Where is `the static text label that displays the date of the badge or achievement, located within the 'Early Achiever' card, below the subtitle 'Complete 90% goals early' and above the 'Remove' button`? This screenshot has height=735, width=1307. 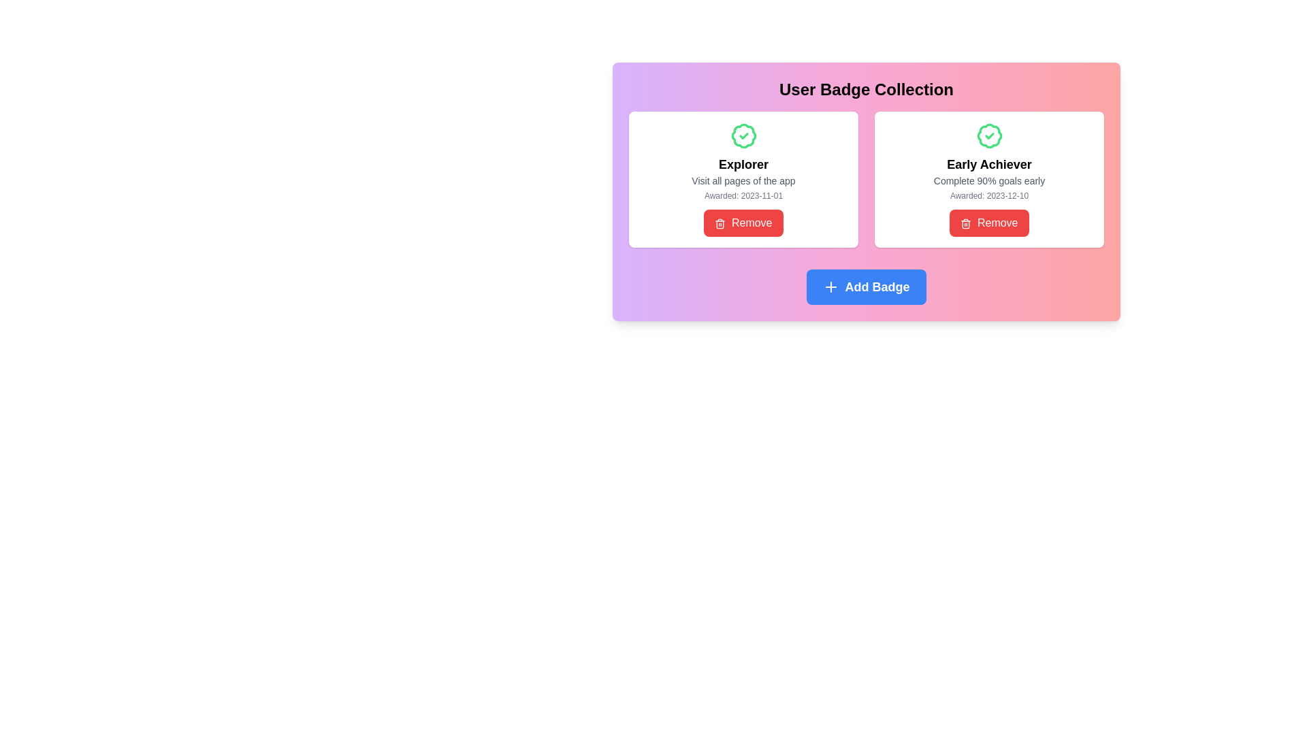
the static text label that displays the date of the badge or achievement, located within the 'Early Achiever' card, below the subtitle 'Complete 90% goals early' and above the 'Remove' button is located at coordinates (989, 196).